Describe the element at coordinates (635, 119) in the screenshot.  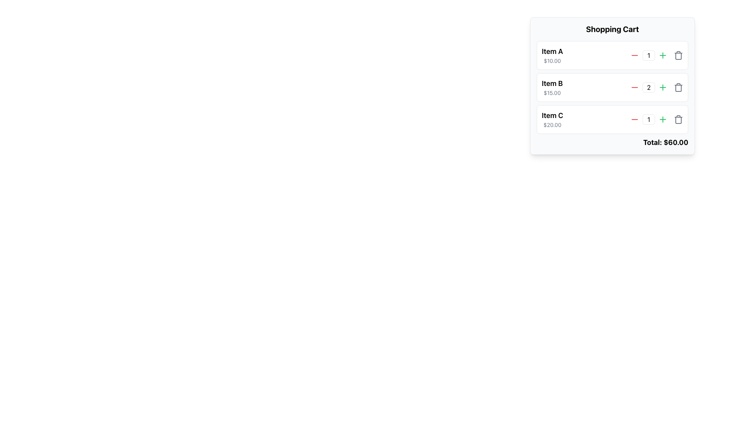
I see `the leftmost button next to the quantity field for 'Item C' to decrement the item quantity` at that location.